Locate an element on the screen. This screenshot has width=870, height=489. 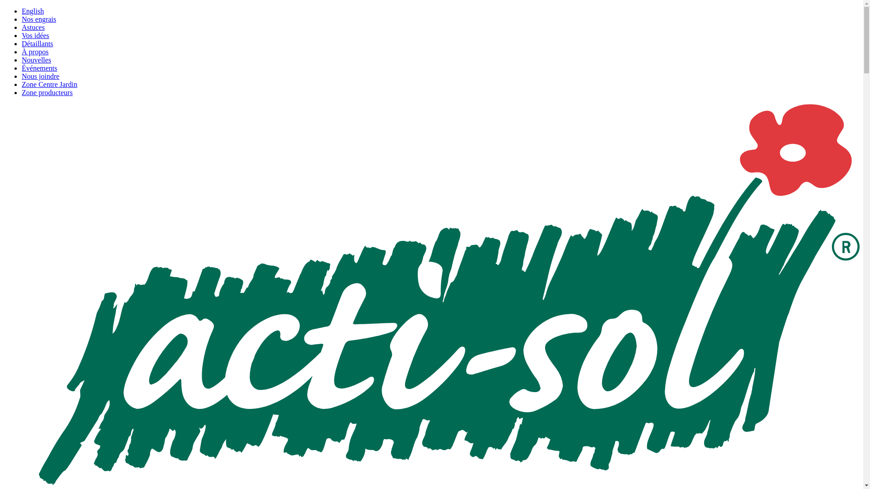
'Zone Centre Jardin' is located at coordinates (49, 84).